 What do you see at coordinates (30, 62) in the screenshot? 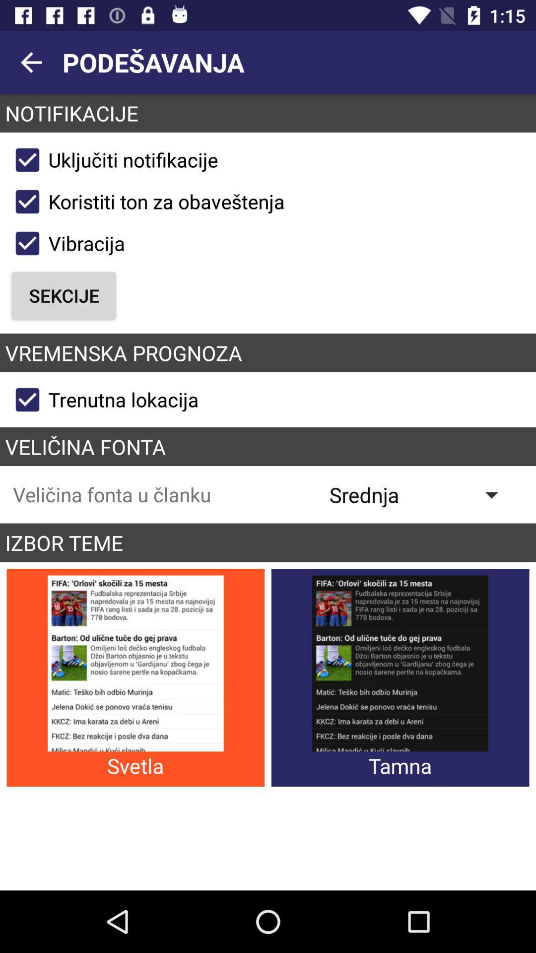
I see `the arrow_backward icon` at bounding box center [30, 62].